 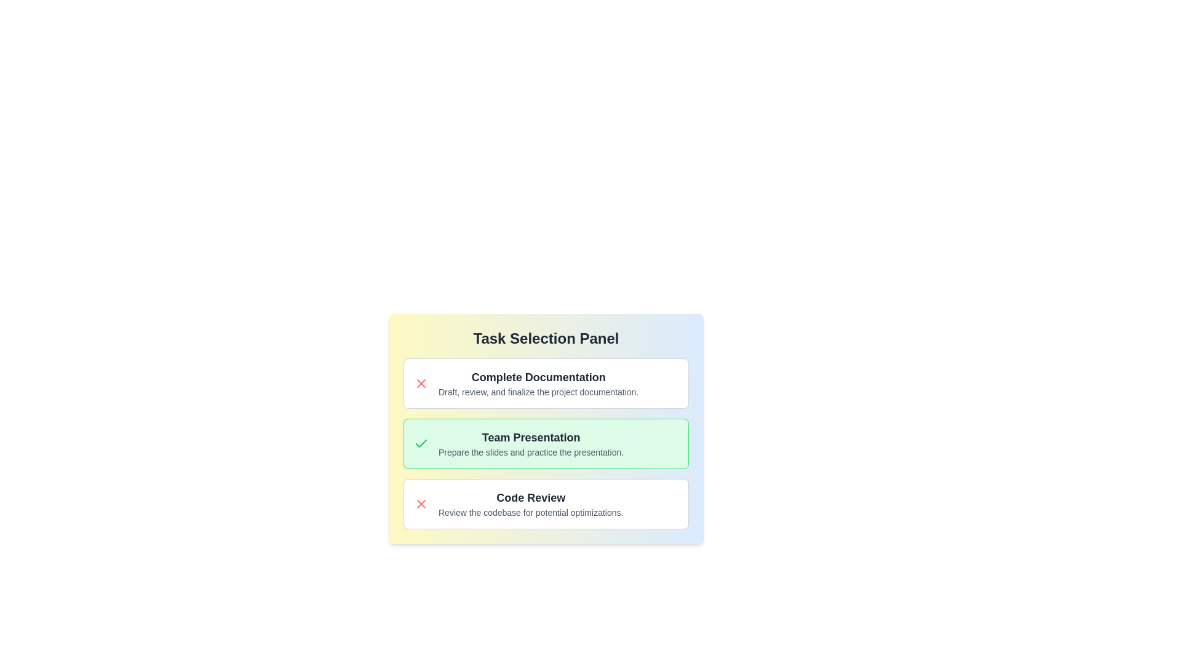 I want to click on the status icon indicating the incomplete or rejected state of the 'Complete Documentation' task, which is located at the far left of the task item, so click(x=421, y=383).